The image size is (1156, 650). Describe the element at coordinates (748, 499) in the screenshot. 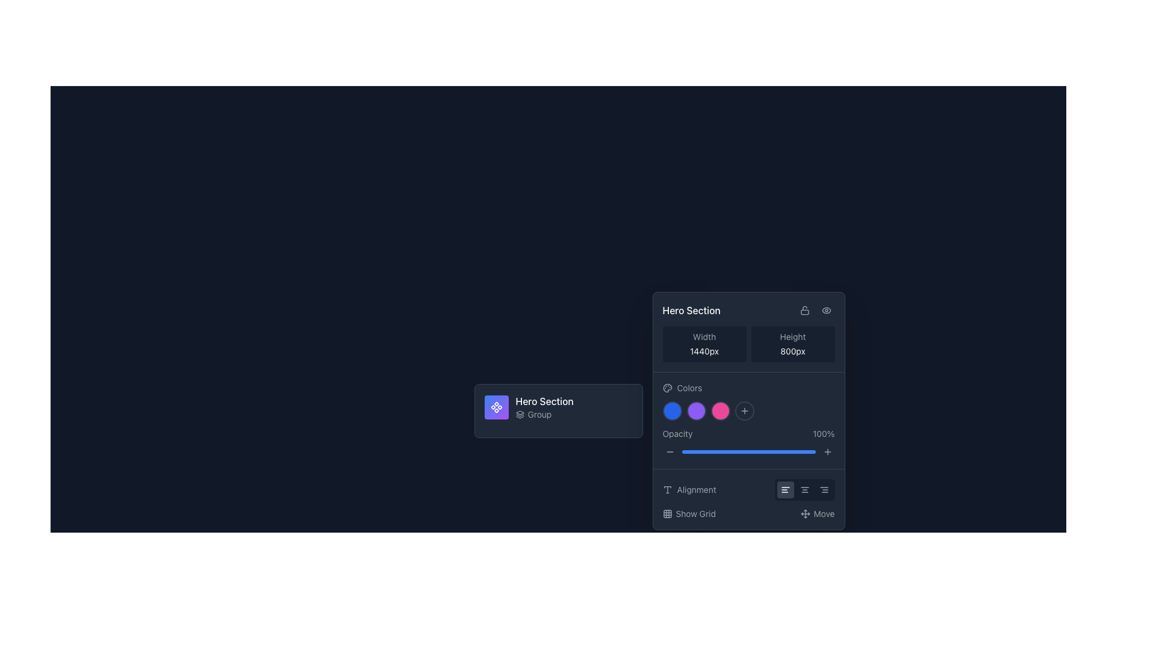

I see `the 'Move' button in the alignment tools panel` at that location.